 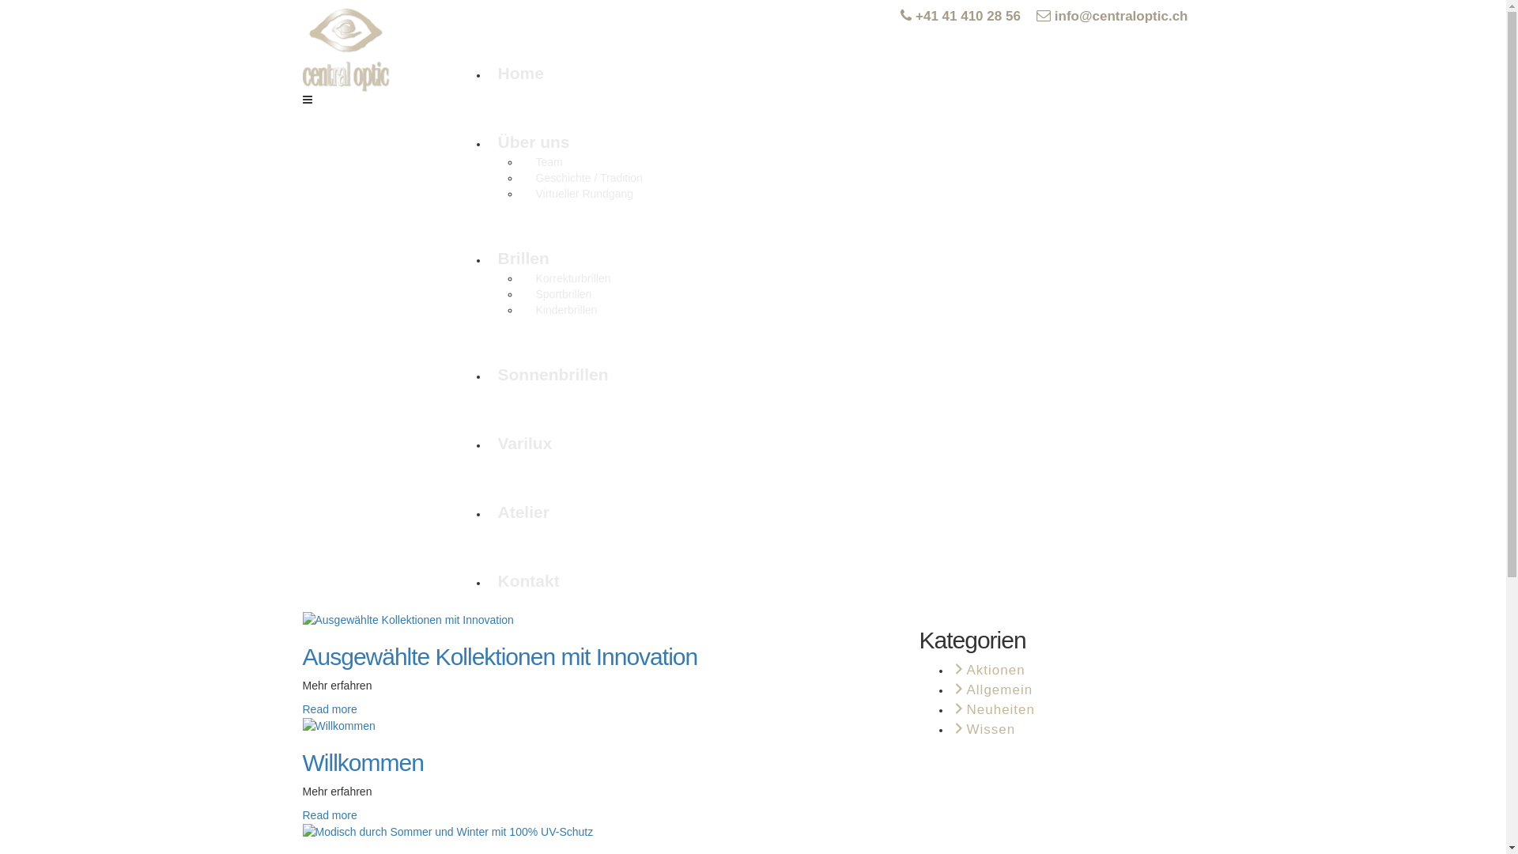 I want to click on 'Allgemein', so click(x=949, y=689).